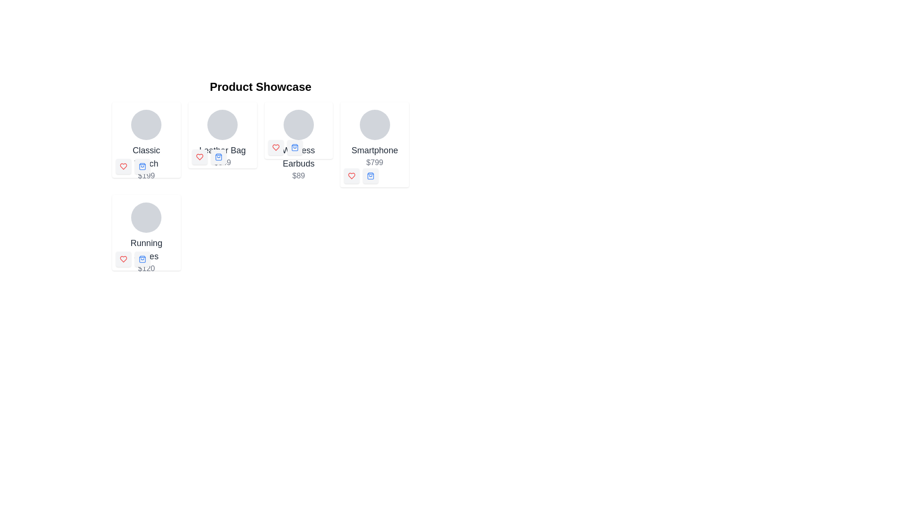 The image size is (909, 511). I want to click on the 'Favorite' button with a red heart icon located in the bottom-left corner of the product card for the 'Smartphone' to favorite or like it, so click(351, 176).